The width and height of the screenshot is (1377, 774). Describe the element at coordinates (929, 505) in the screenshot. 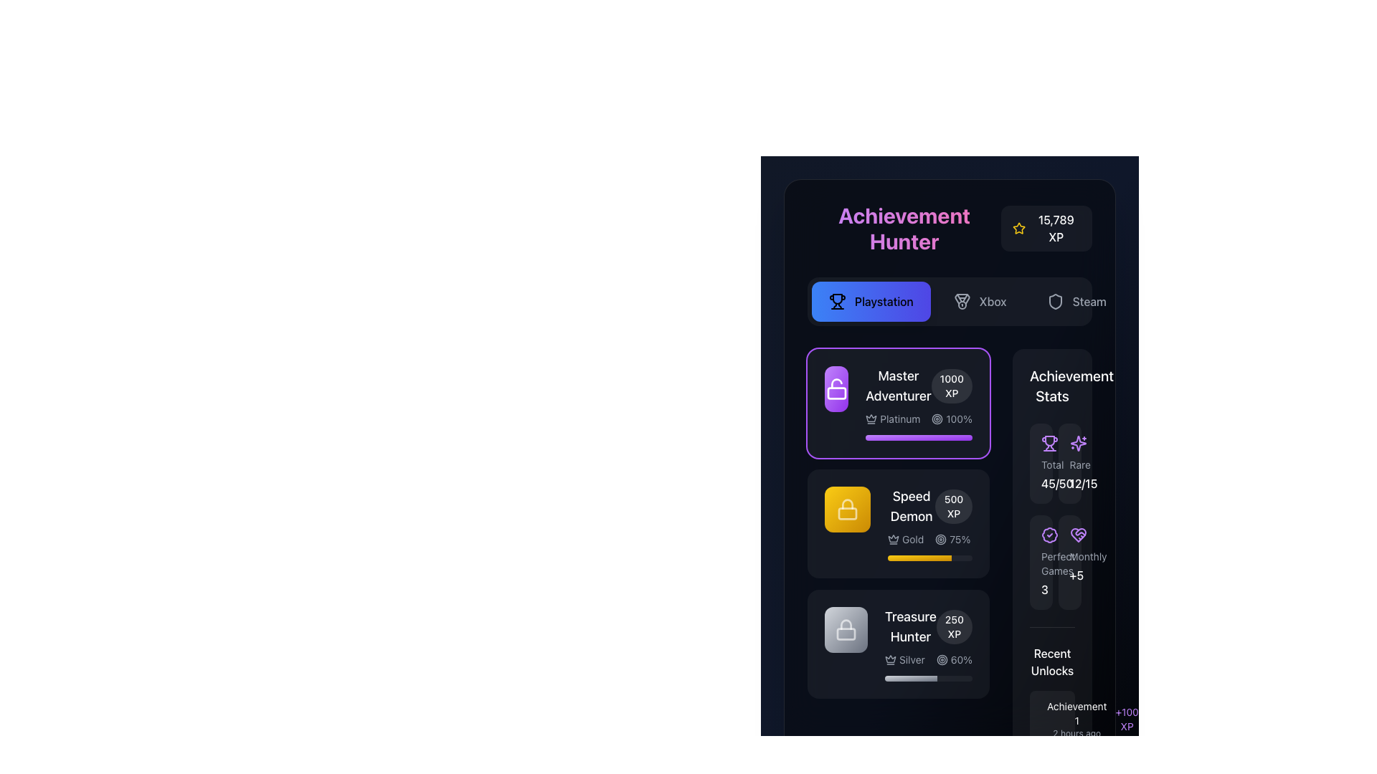

I see `the 'Speed Demon' achievement informational display, which shows a score of 500 XP and is the second card in a vertical list of achievements` at that location.